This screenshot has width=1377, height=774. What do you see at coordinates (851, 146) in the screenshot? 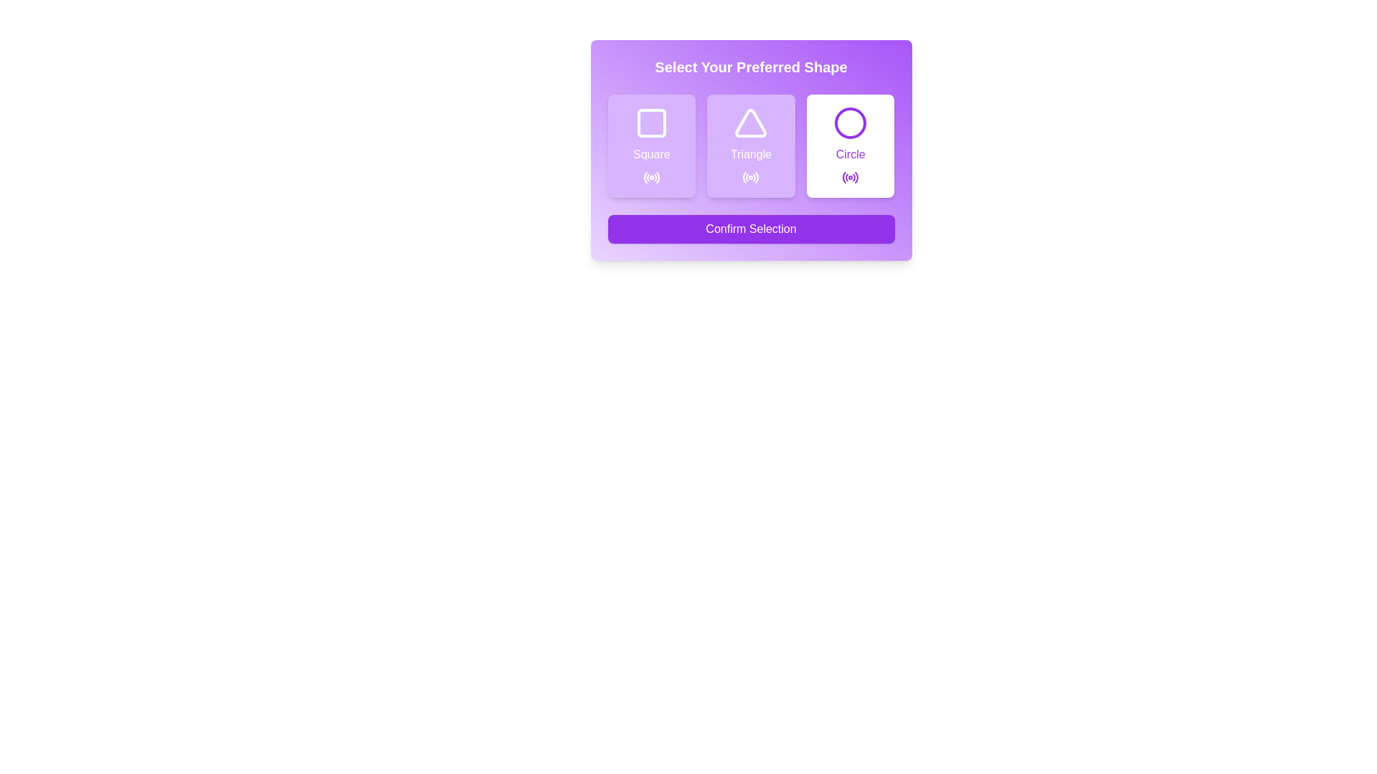
I see `the selectable card representing the shape 'circle' located in the third column of the grid under 'Select Your Preferred Shape'` at bounding box center [851, 146].